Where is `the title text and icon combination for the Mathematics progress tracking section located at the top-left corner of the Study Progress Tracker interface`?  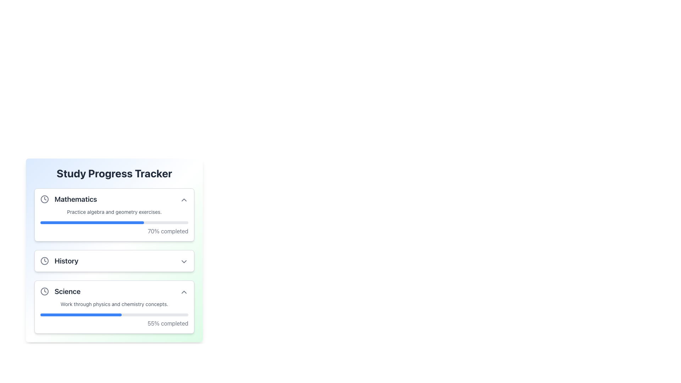 the title text and icon combination for the Mathematics progress tracking section located at the top-left corner of the Study Progress Tracker interface is located at coordinates (68, 199).